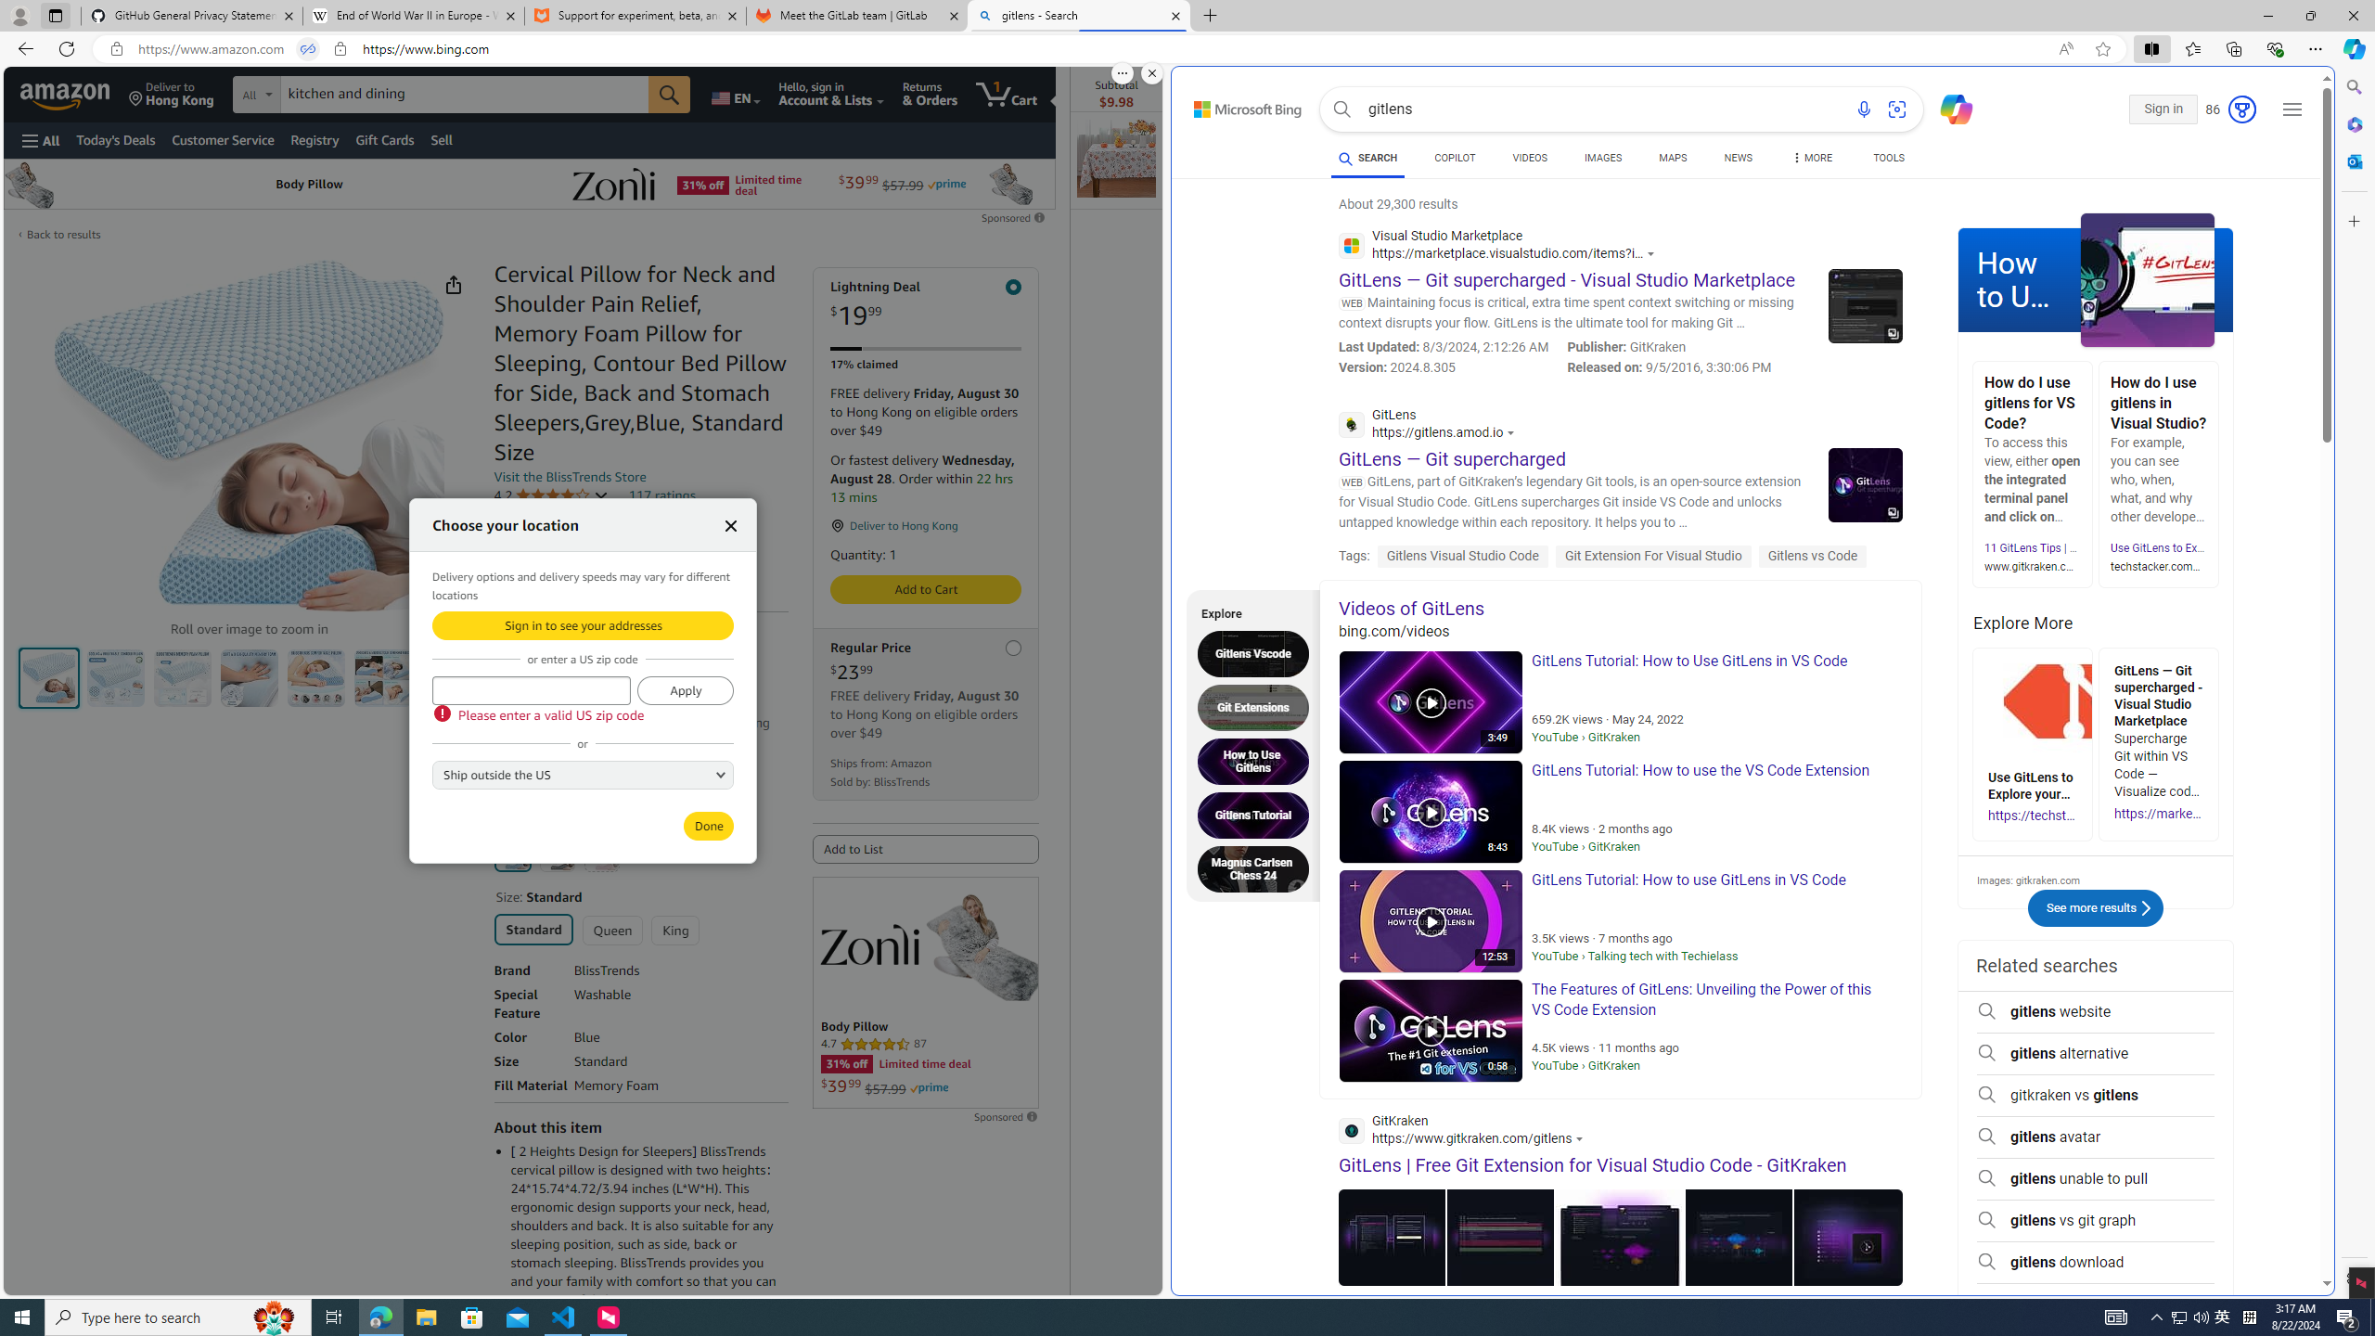 Image resolution: width=2375 pixels, height=1336 pixels. I want to click on 'Visual Studio Marketplace', so click(1501, 248).